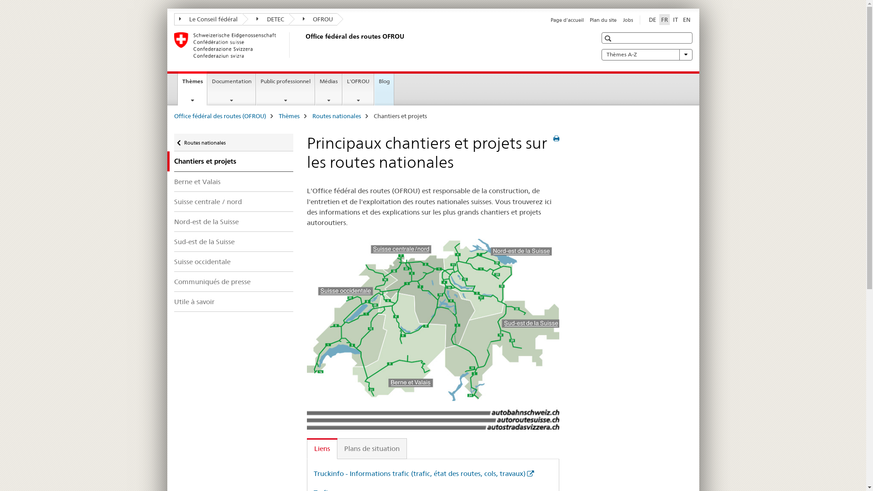  What do you see at coordinates (384, 89) in the screenshot?
I see `'Blog'` at bounding box center [384, 89].